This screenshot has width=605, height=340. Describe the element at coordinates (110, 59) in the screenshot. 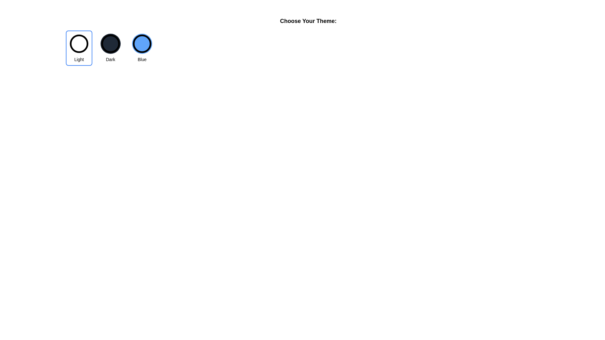

I see `text label that identifies the 'Dark' theme selection option, positioned directly below the corresponding circular icon` at that location.